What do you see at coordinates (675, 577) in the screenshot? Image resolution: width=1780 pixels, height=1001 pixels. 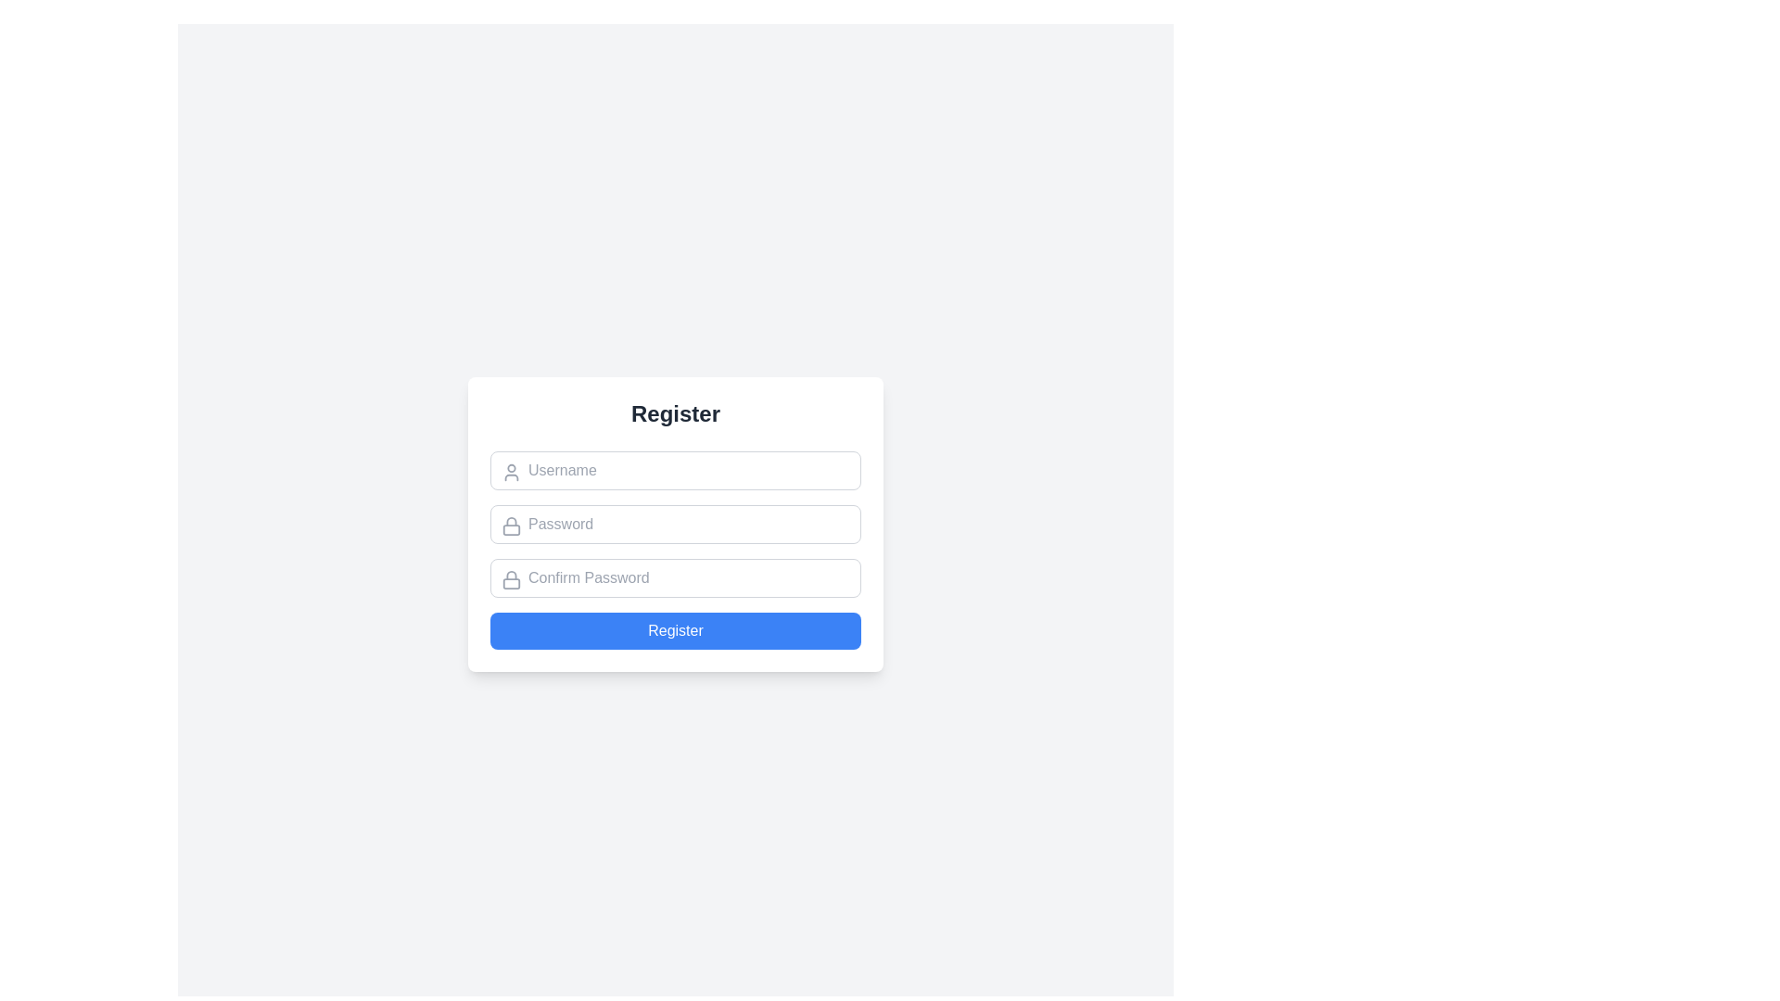 I see `the password confirmation input field located below the 'Password' input field` at bounding box center [675, 577].